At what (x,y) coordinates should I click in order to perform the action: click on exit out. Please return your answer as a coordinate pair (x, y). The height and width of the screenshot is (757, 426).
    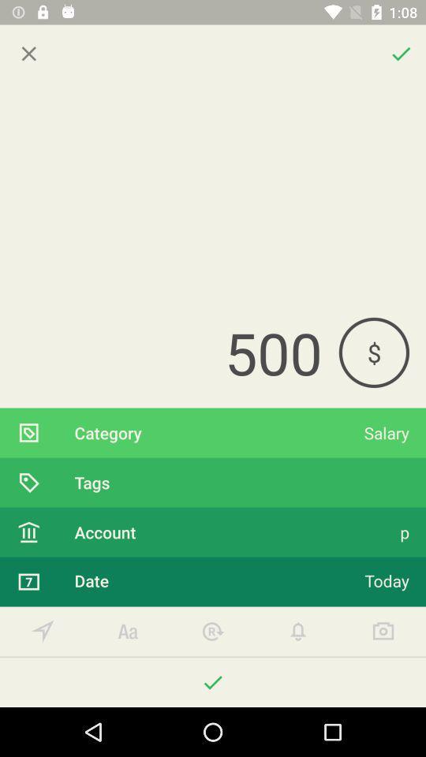
    Looking at the image, I should click on (28, 54).